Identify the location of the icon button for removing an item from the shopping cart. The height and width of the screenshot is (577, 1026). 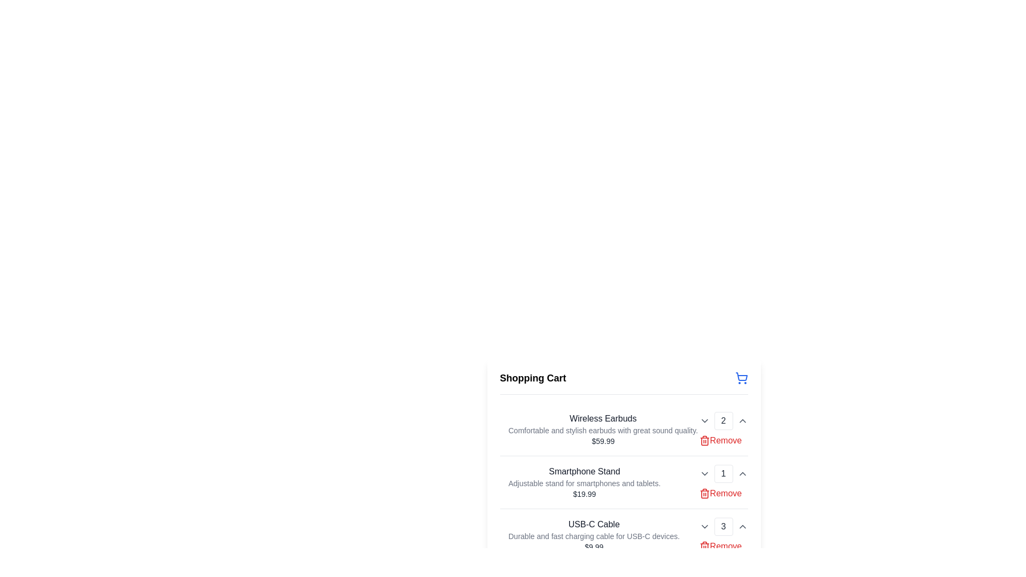
(704, 441).